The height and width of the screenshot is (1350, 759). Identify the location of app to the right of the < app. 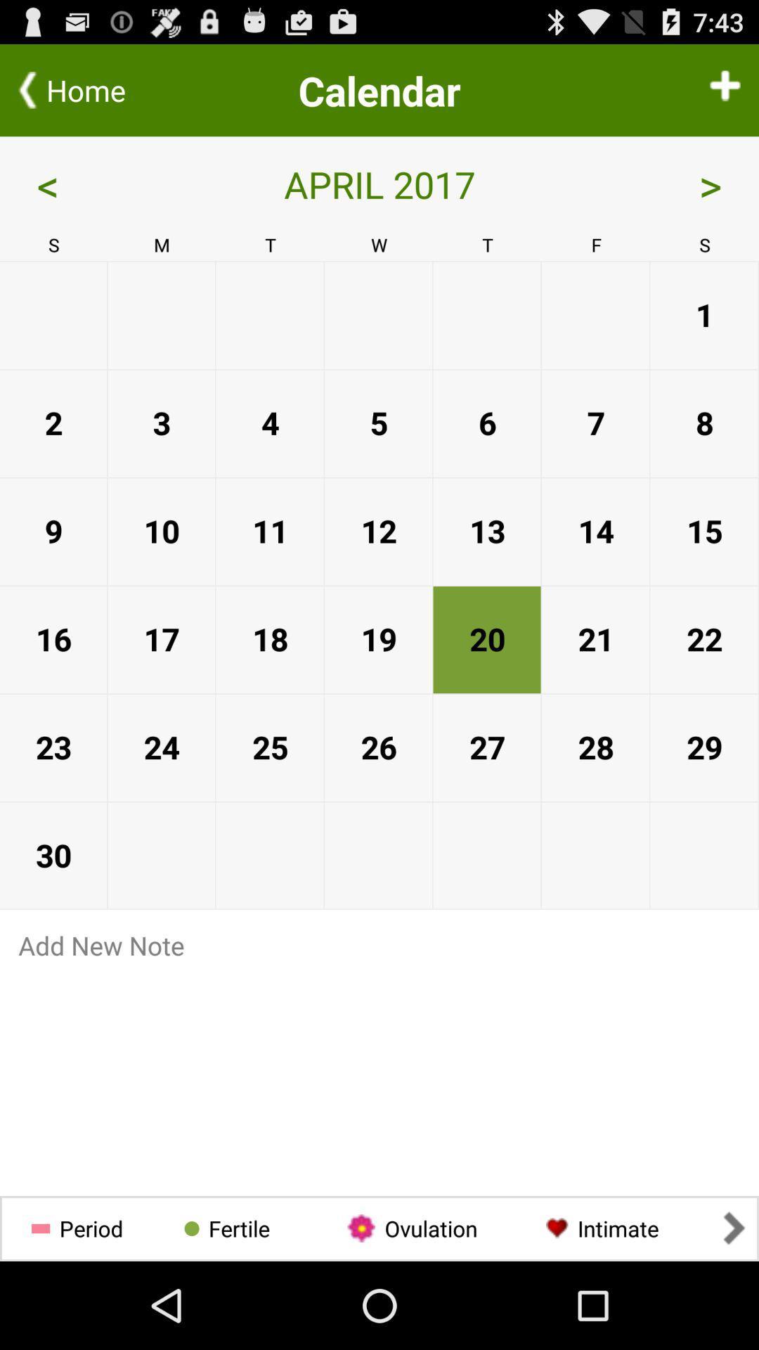
(379, 184).